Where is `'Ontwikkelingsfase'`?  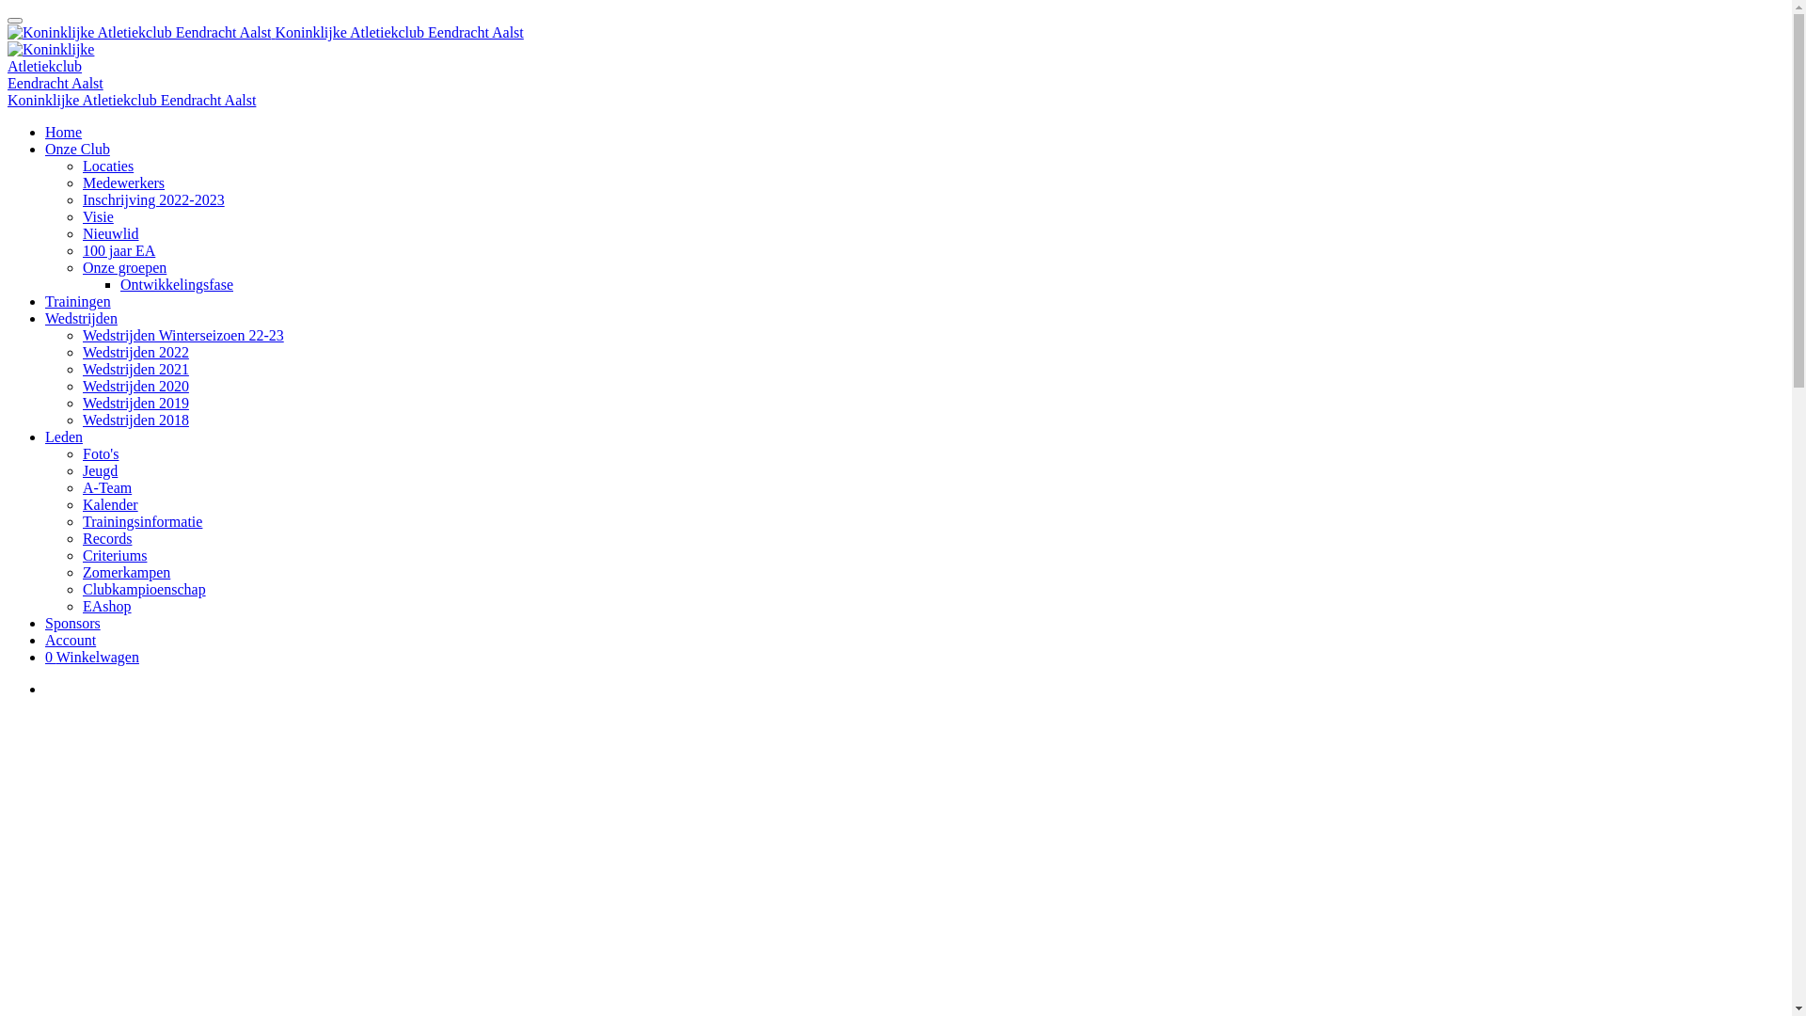 'Ontwikkelingsfase' is located at coordinates (176, 284).